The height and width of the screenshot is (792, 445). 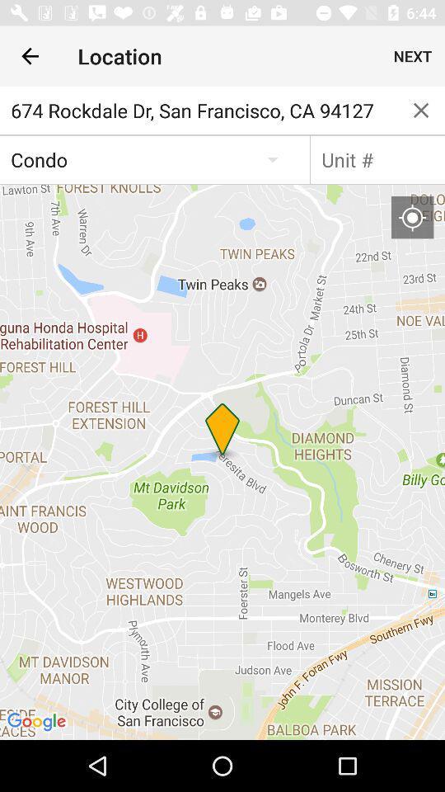 What do you see at coordinates (411, 216) in the screenshot?
I see `the location_crosshair icon` at bounding box center [411, 216].